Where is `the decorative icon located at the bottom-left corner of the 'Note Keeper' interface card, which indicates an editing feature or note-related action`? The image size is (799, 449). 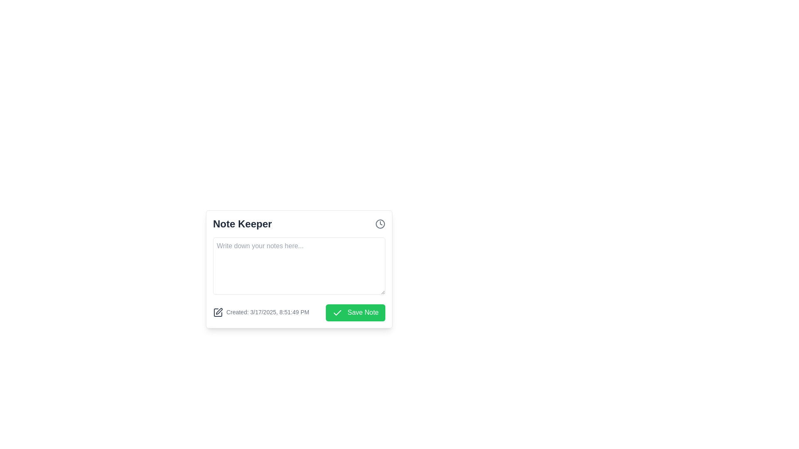
the decorative icon located at the bottom-left corner of the 'Note Keeper' interface card, which indicates an editing feature or note-related action is located at coordinates (218, 313).